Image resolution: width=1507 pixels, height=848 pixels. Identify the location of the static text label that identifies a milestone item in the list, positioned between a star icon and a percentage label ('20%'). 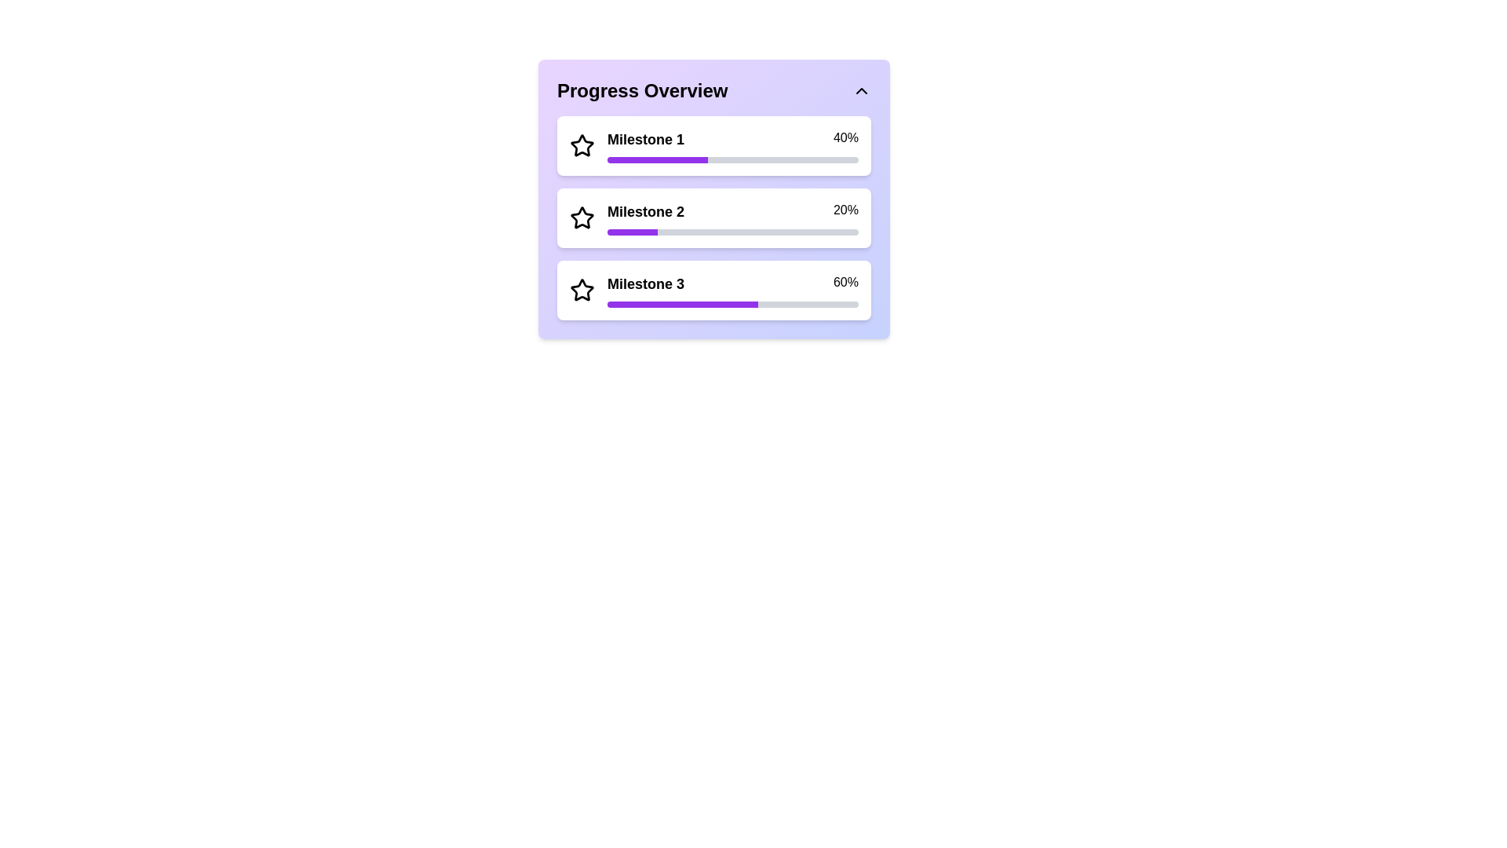
(646, 212).